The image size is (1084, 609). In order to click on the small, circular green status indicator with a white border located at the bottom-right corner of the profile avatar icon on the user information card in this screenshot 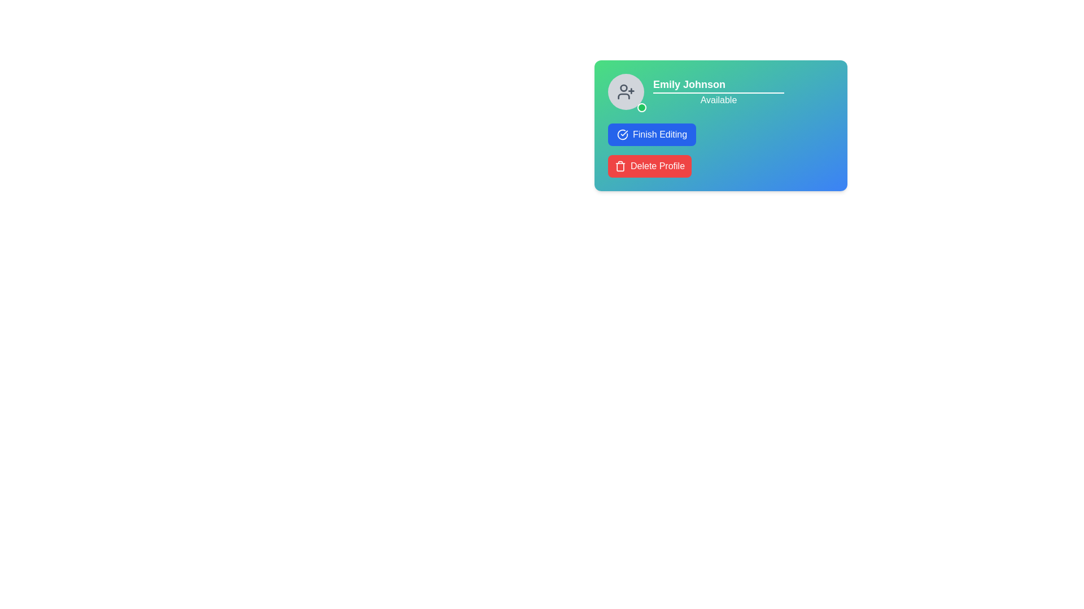, I will do `click(642, 108)`.